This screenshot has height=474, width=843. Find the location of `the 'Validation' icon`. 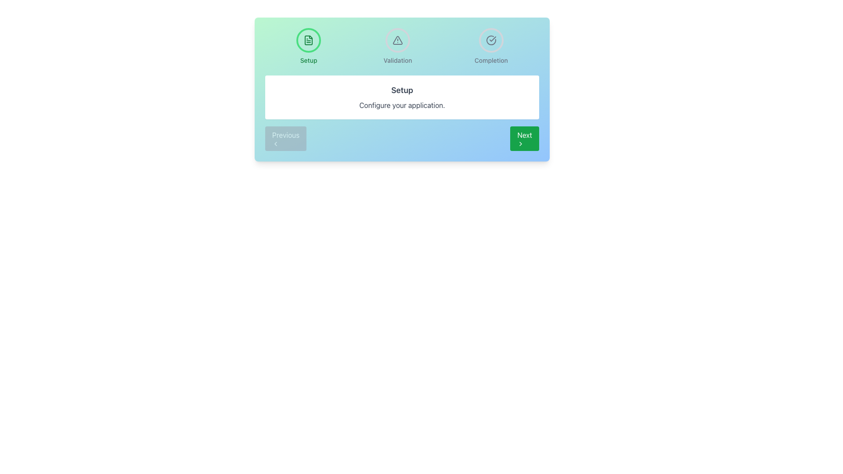

the 'Validation' icon is located at coordinates (397, 46).